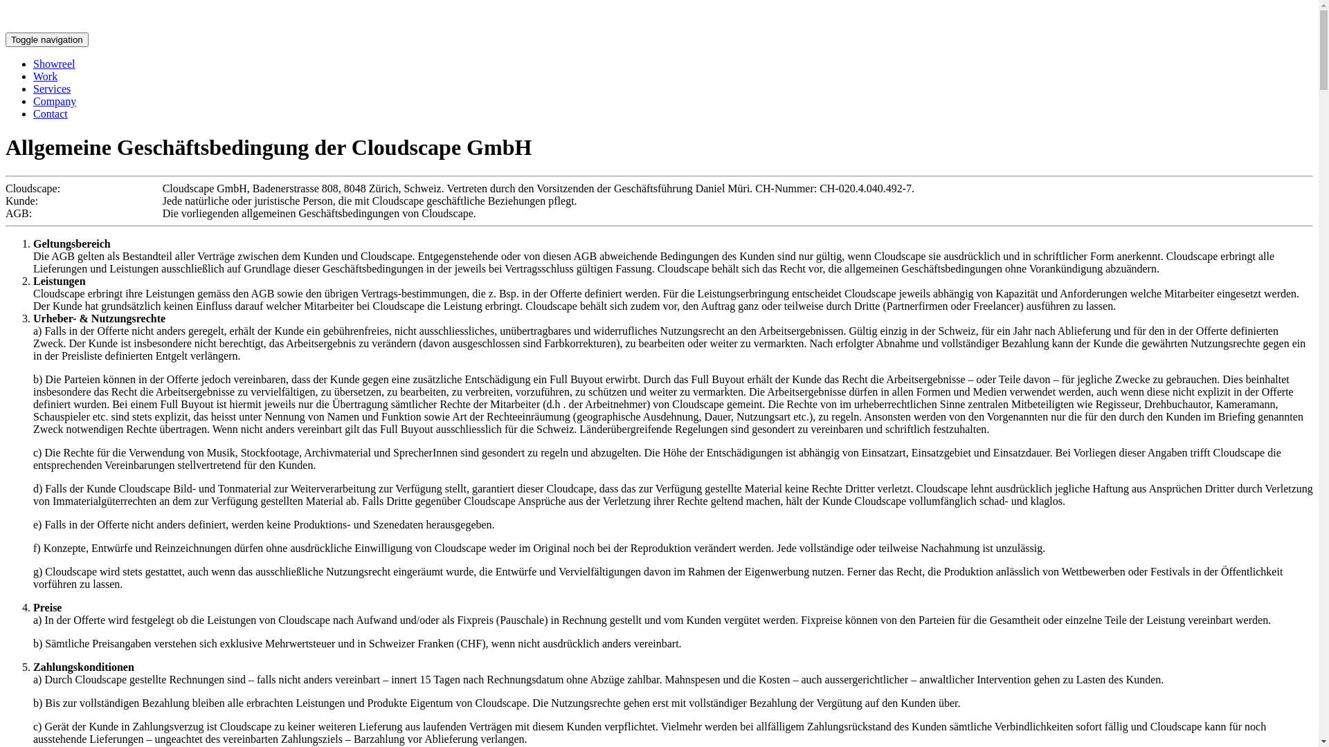  I want to click on 'Contact', so click(50, 113).